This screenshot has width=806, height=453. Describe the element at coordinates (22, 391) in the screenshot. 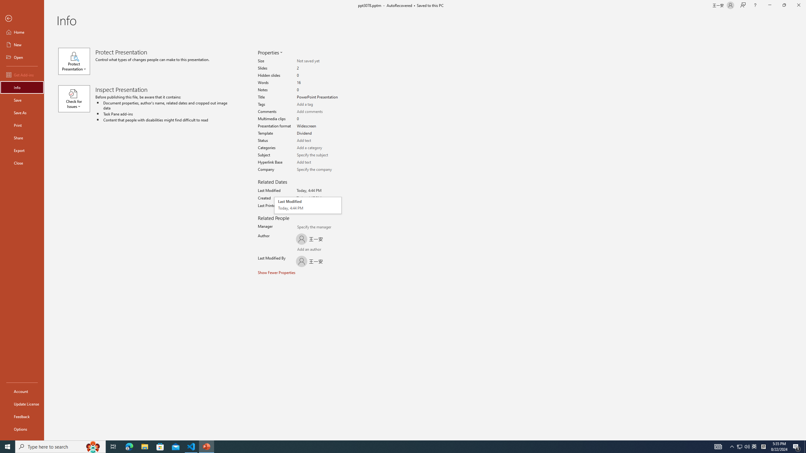

I see `'Account'` at that location.